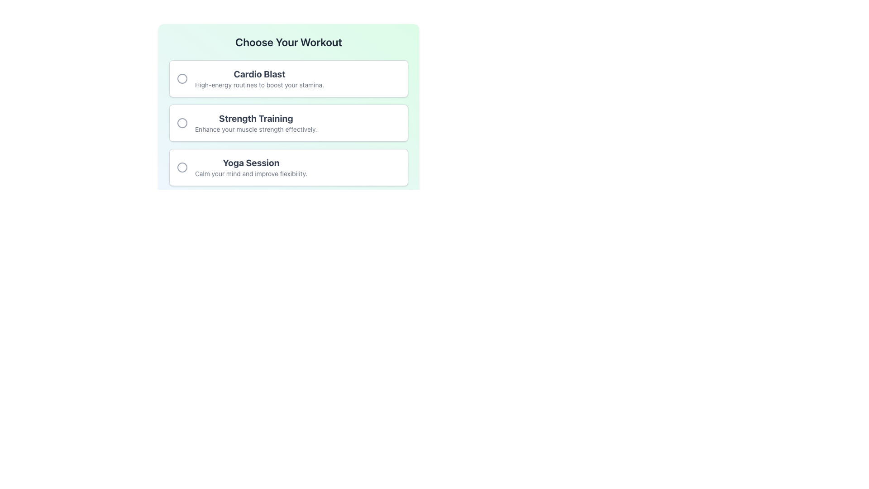  I want to click on title text of the header positioned at the top-center of the workout selection card, serving as an indication of the following content, so click(288, 42).